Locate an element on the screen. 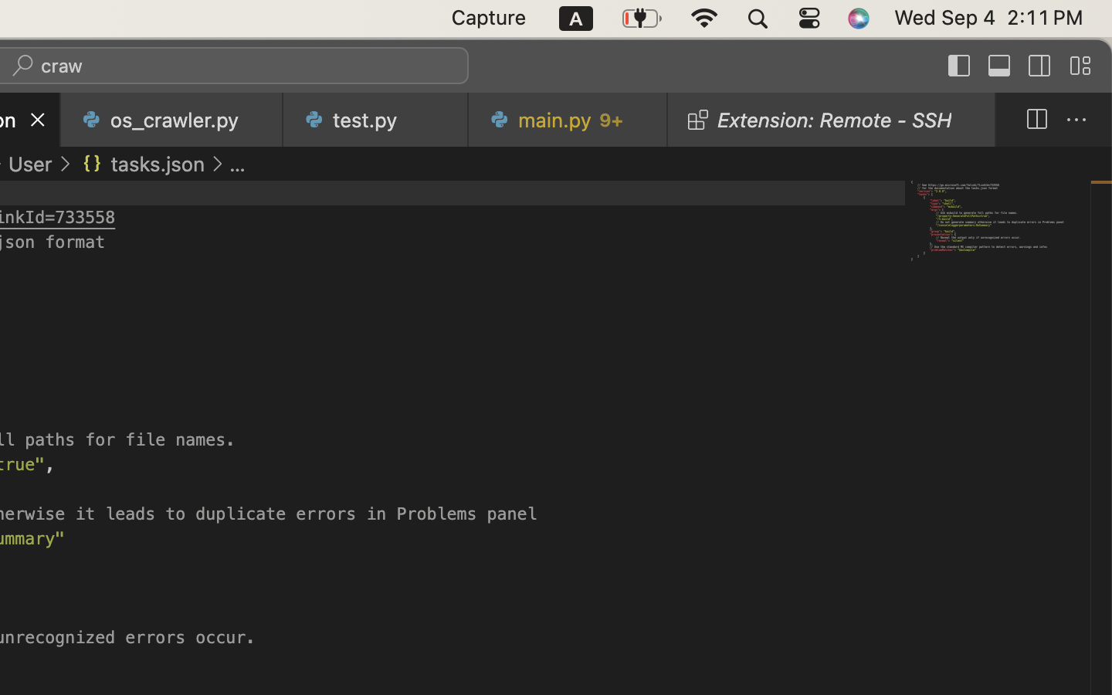 This screenshot has width=1112, height=695. '' is located at coordinates (64, 164).